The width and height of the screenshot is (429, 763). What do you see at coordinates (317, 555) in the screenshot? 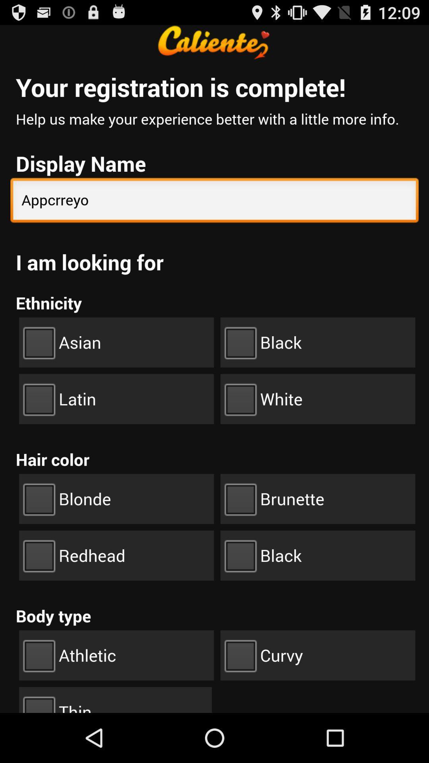
I see `the button black below brunette` at bounding box center [317, 555].